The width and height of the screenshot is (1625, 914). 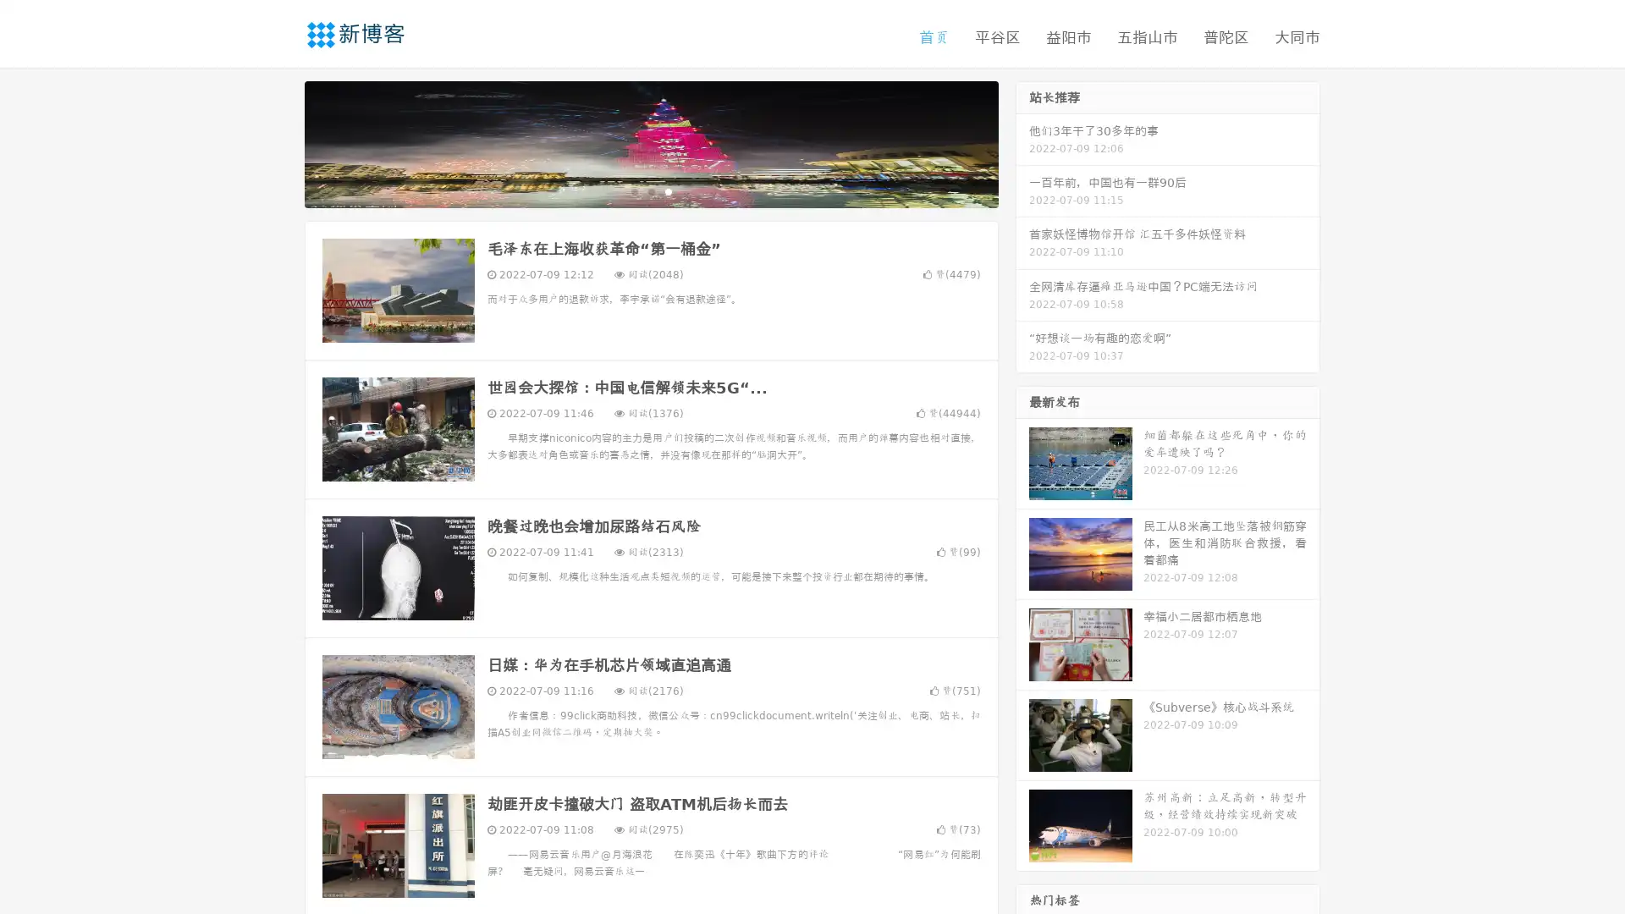 I want to click on Previous slide, so click(x=279, y=142).